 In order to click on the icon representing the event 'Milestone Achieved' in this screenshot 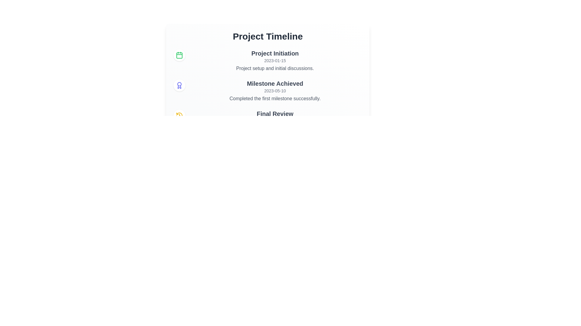, I will do `click(179, 85)`.